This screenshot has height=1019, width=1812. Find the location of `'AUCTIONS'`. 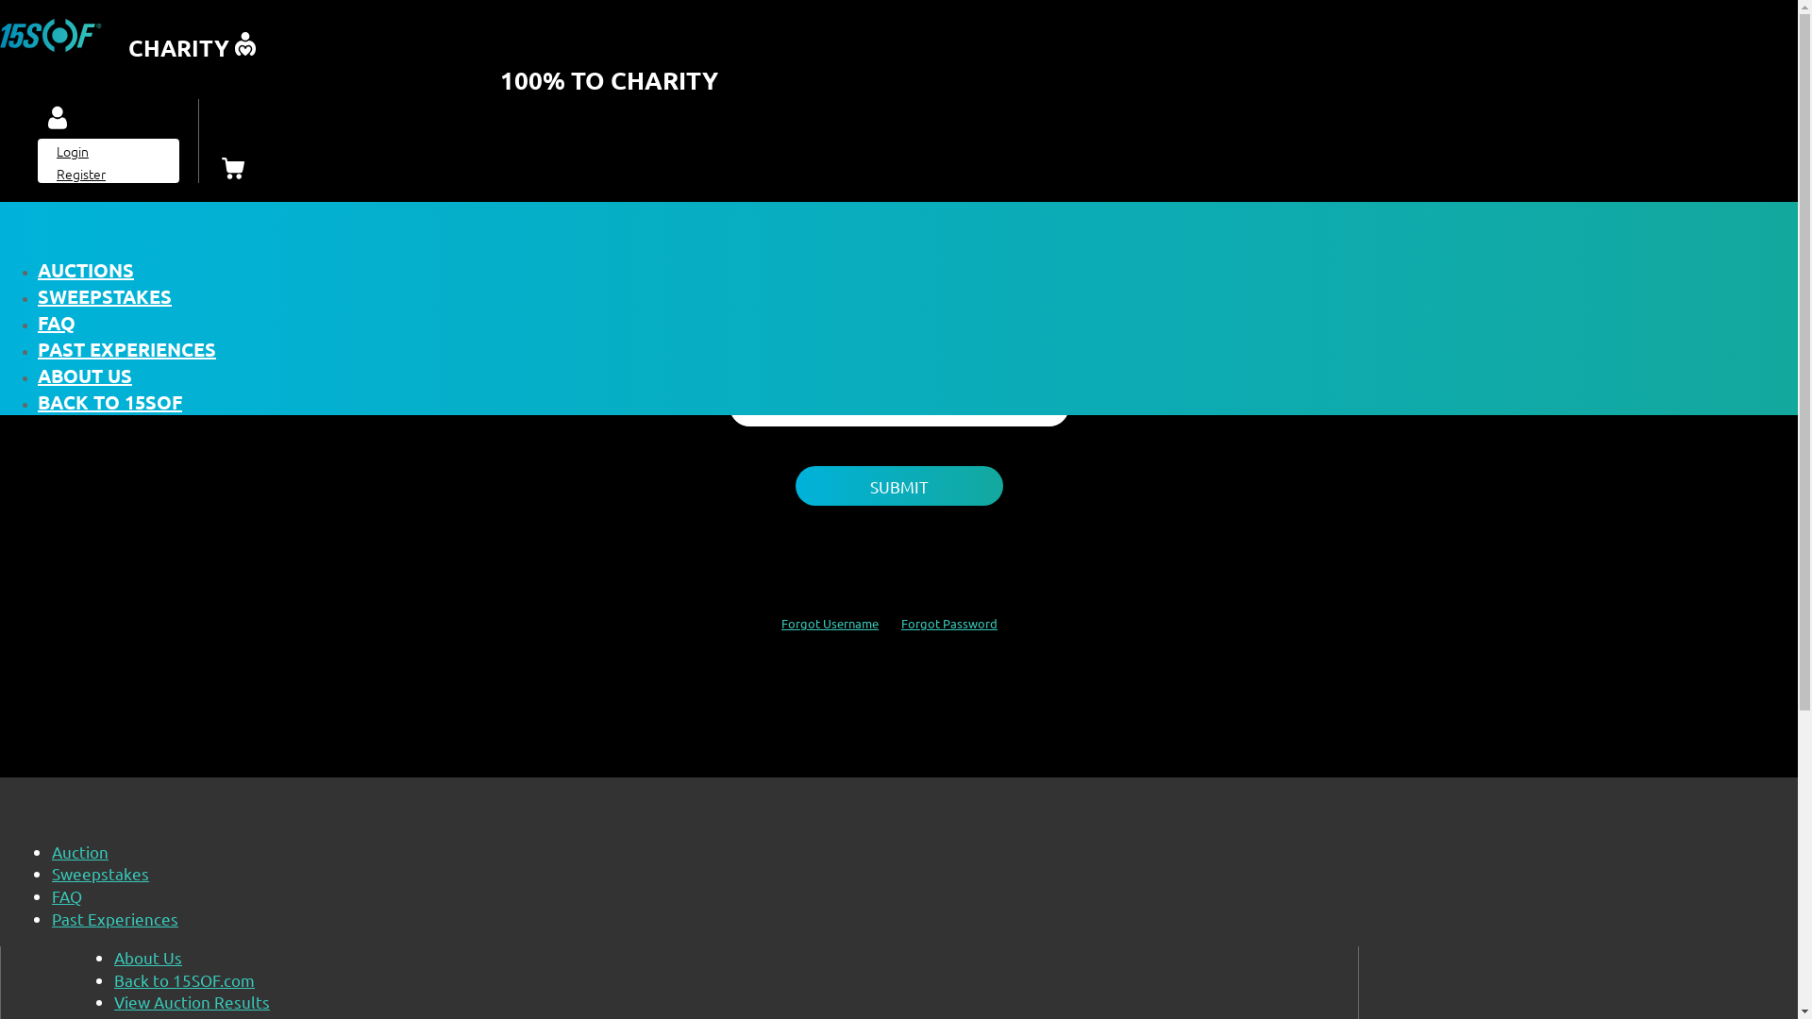

'AUCTIONS' is located at coordinates (37, 269).